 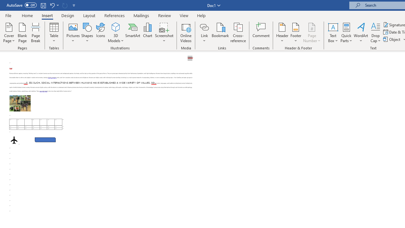 What do you see at coordinates (73, 33) in the screenshot?
I see `'Pictures'` at bounding box center [73, 33].